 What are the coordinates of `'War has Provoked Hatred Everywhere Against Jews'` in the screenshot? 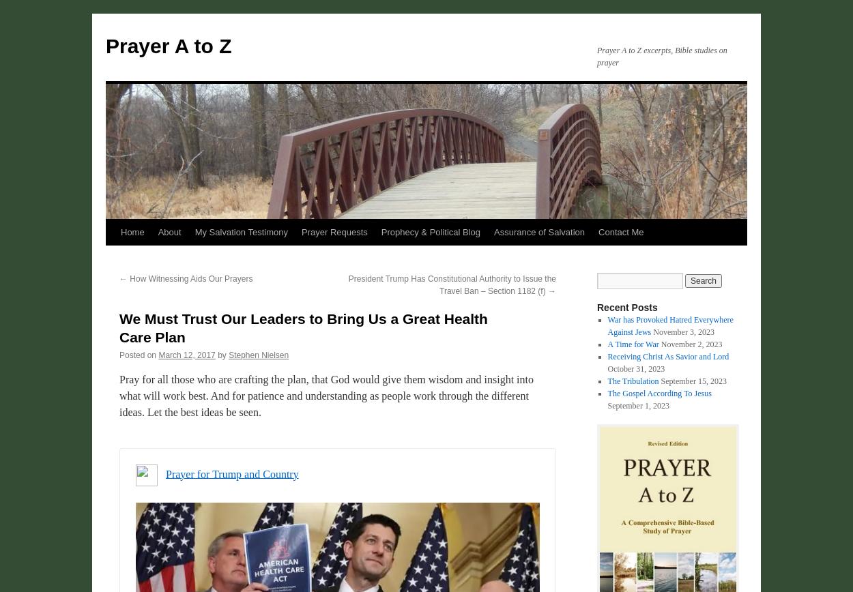 It's located at (669, 326).